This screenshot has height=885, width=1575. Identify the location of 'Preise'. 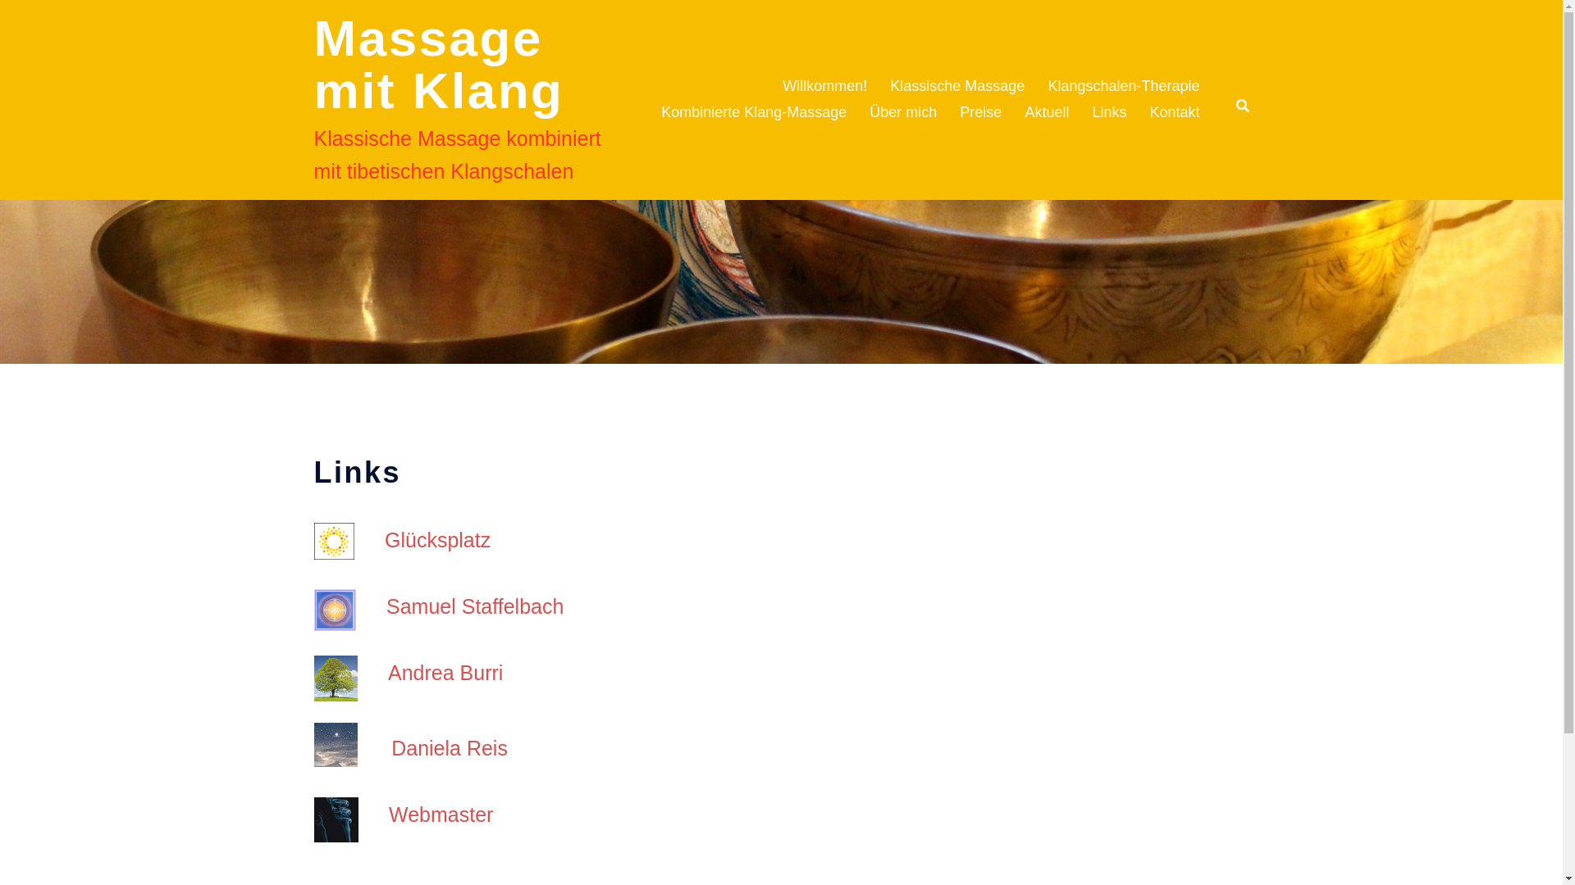
(980, 112).